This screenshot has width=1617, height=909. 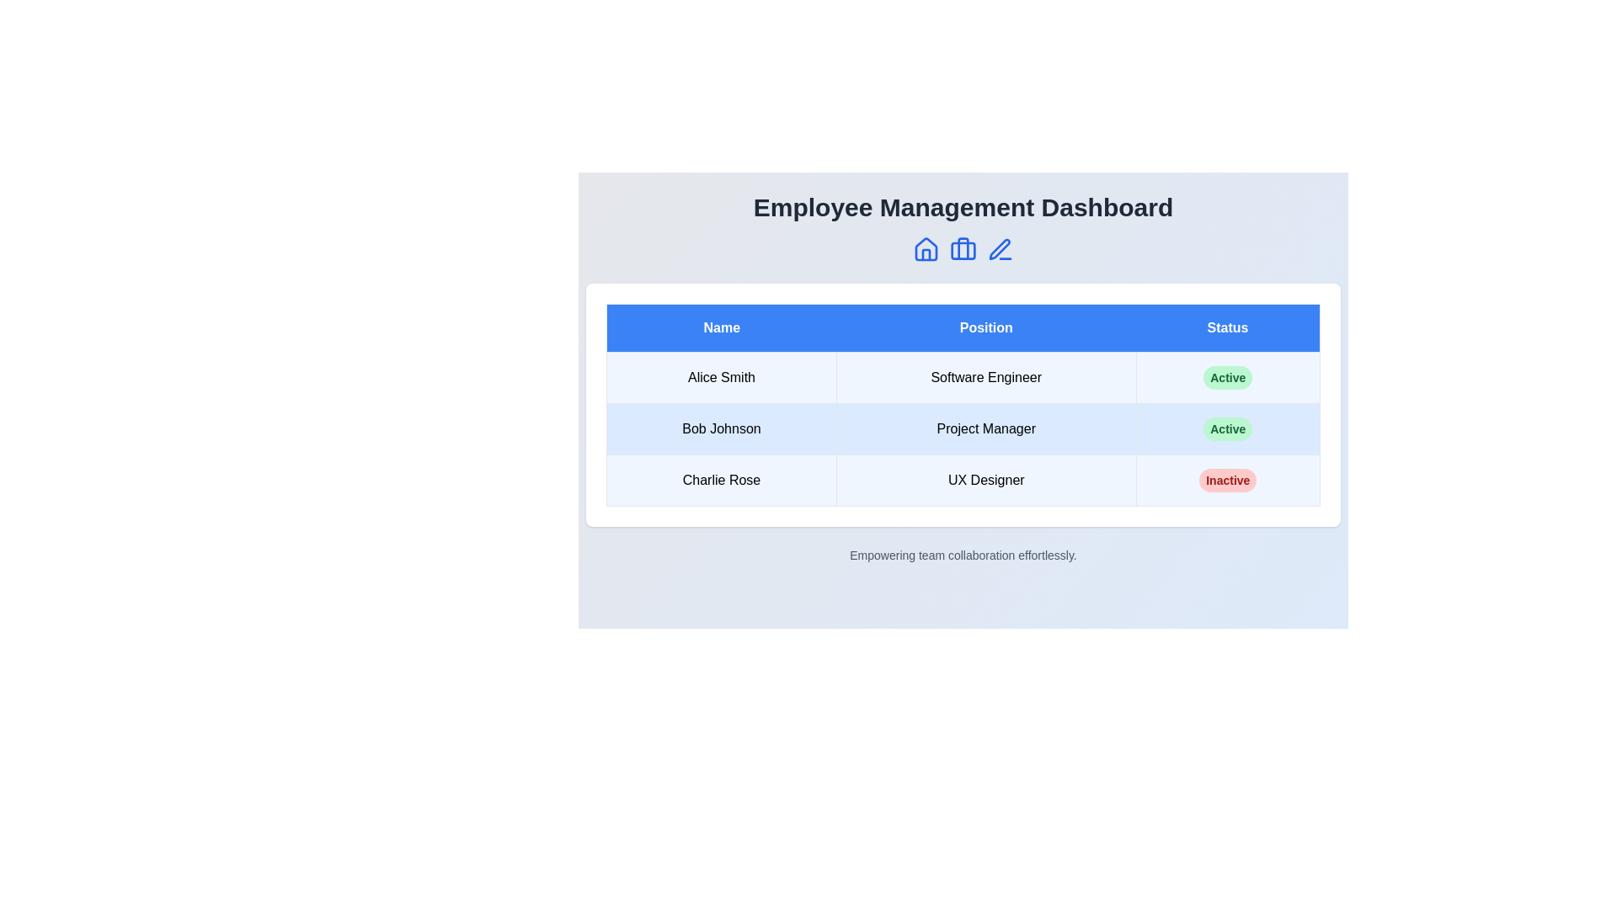 What do you see at coordinates (1228, 376) in the screenshot?
I see `status from the 'Active' badge, which is a pill-shaped badge with a light green background located in the 'Status' column of the first row in the Employee Management Dashboard` at bounding box center [1228, 376].